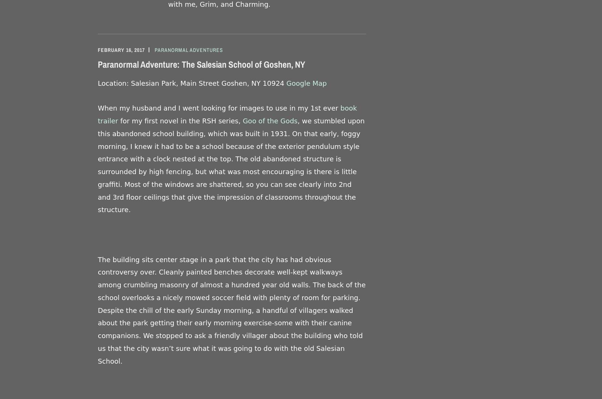 The image size is (602, 399). What do you see at coordinates (201, 64) in the screenshot?
I see `'Paranormal Adventure: The Salesian School of Goshen, NY'` at bounding box center [201, 64].